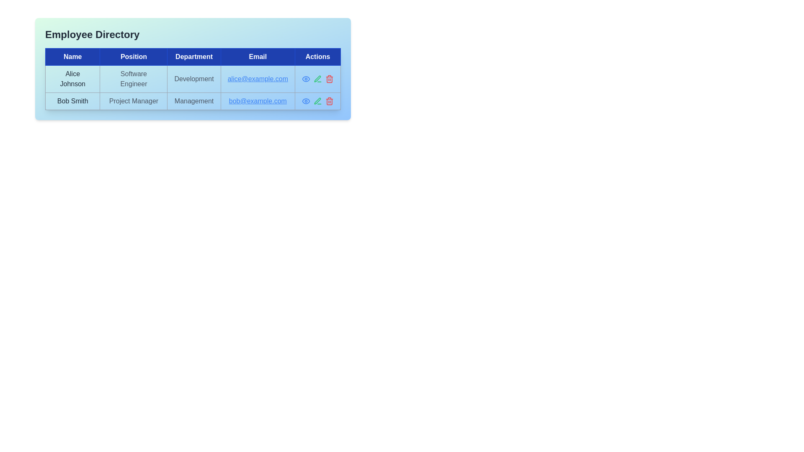  What do you see at coordinates (305, 79) in the screenshot?
I see `the eye icon located in the 'Actions' column of the second row in the 'Employee Directory' table` at bounding box center [305, 79].